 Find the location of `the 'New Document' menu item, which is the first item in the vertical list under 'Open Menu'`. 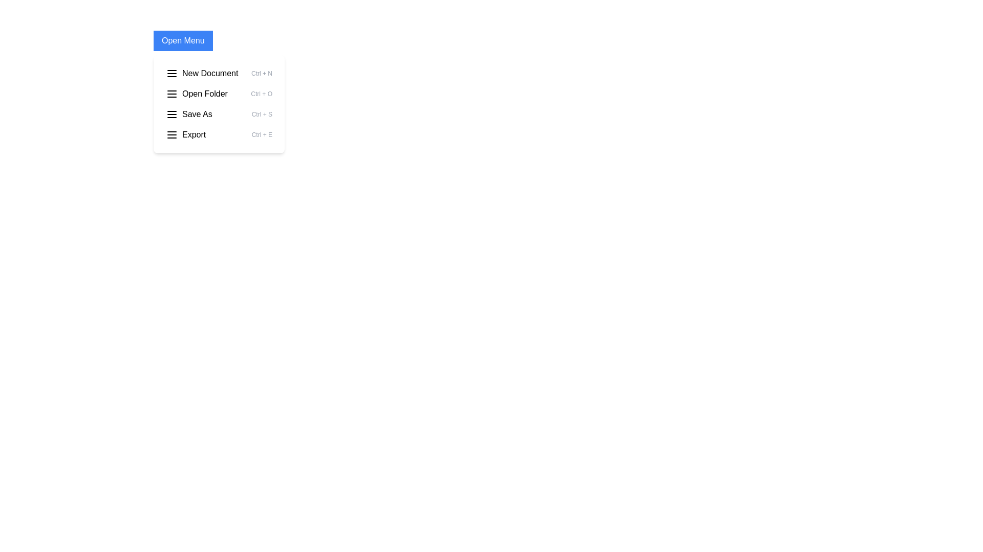

the 'New Document' menu item, which is the first item in the vertical list under 'Open Menu' is located at coordinates (202, 73).